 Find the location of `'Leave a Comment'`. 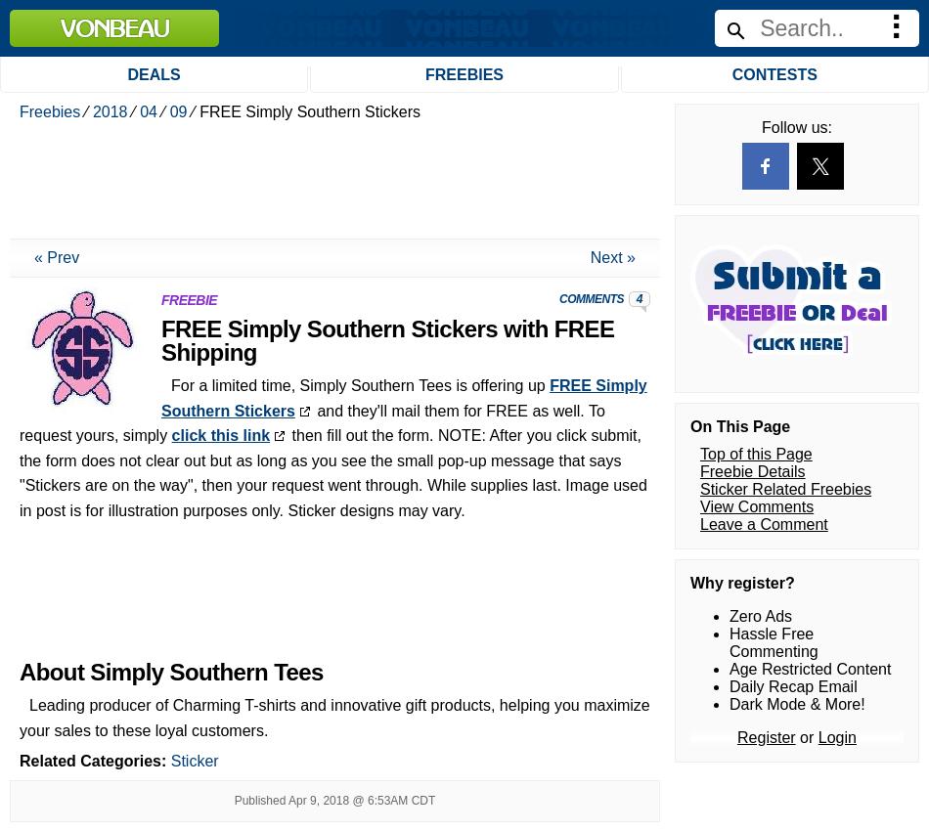

'Leave a Comment' is located at coordinates (699, 34).